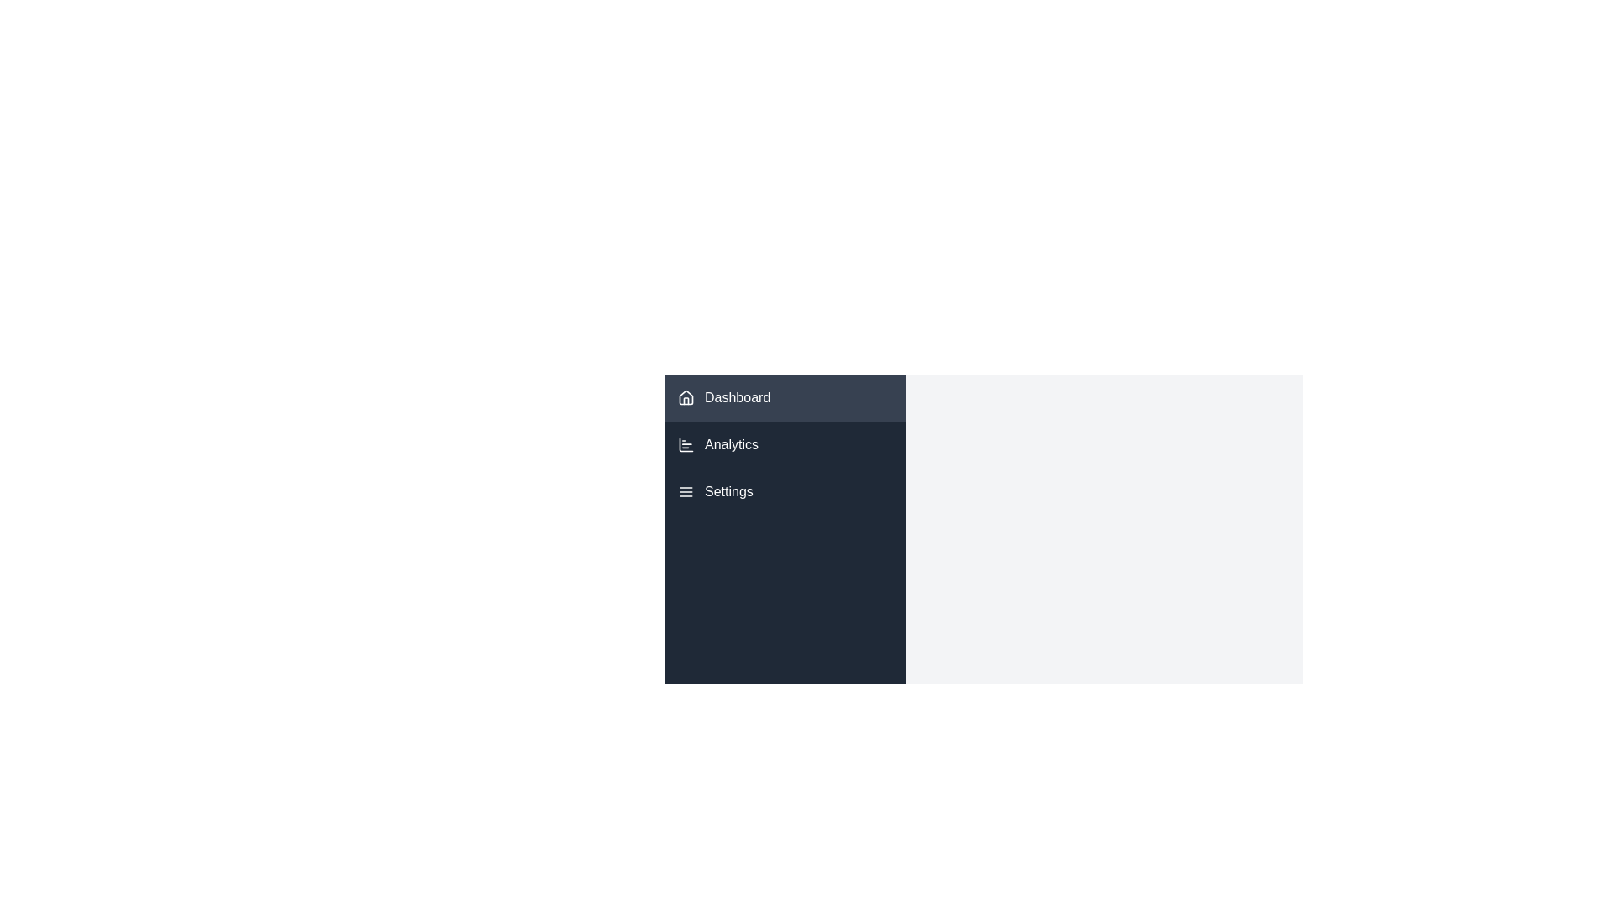  I want to click on the 'Dashboard' text label, so click(738, 398).